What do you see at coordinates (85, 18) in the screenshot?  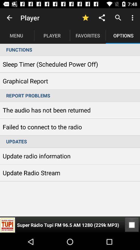 I see `icon to the right of player item` at bounding box center [85, 18].